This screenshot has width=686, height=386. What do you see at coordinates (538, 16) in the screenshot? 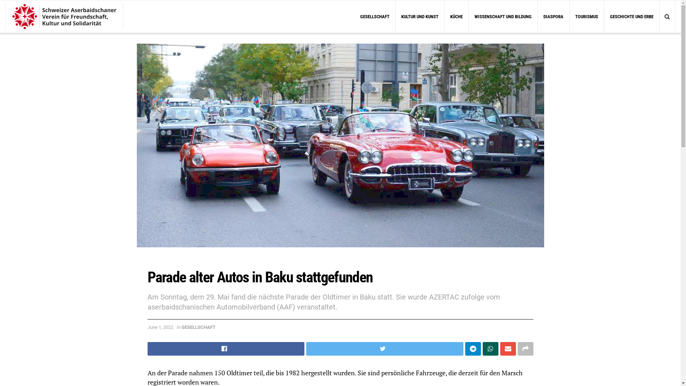
I see `'DIASPORA'` at bounding box center [538, 16].